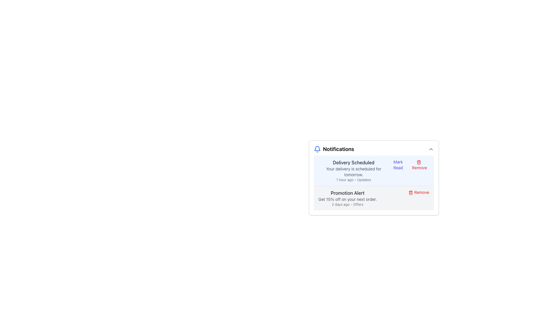 The width and height of the screenshot is (557, 313). What do you see at coordinates (419, 162) in the screenshot?
I see `the delete icon located at the rightmost position of the first notification card, near the 'Delivery Scheduled' text` at bounding box center [419, 162].